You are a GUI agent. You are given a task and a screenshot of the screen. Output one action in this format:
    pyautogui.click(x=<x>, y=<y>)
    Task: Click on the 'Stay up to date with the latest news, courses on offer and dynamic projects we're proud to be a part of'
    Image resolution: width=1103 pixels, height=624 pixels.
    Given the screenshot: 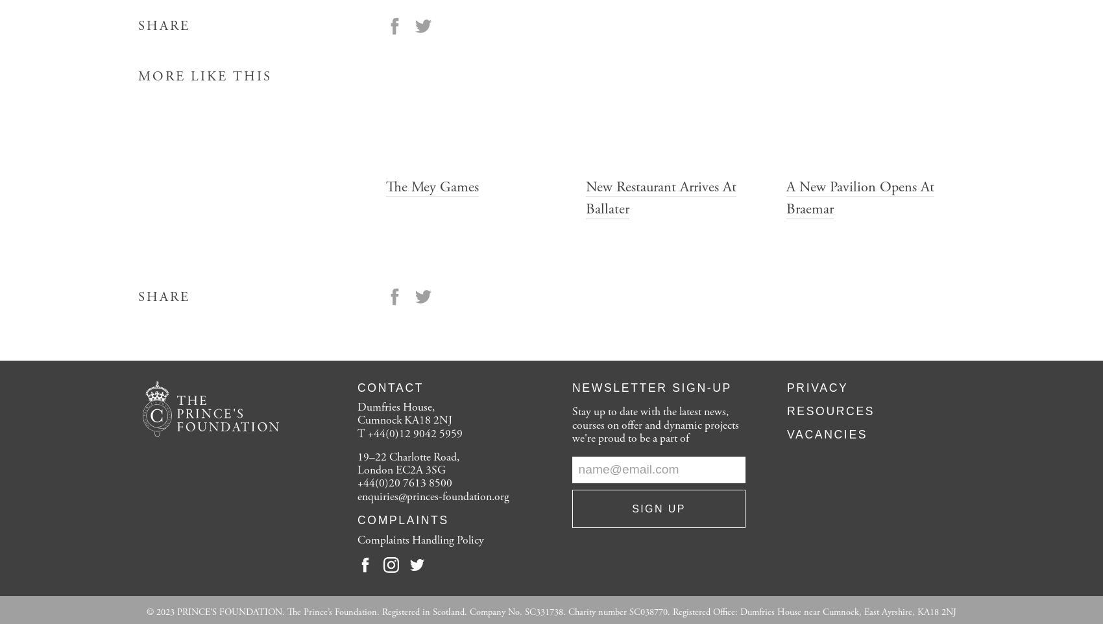 What is the action you would take?
    pyautogui.click(x=572, y=425)
    